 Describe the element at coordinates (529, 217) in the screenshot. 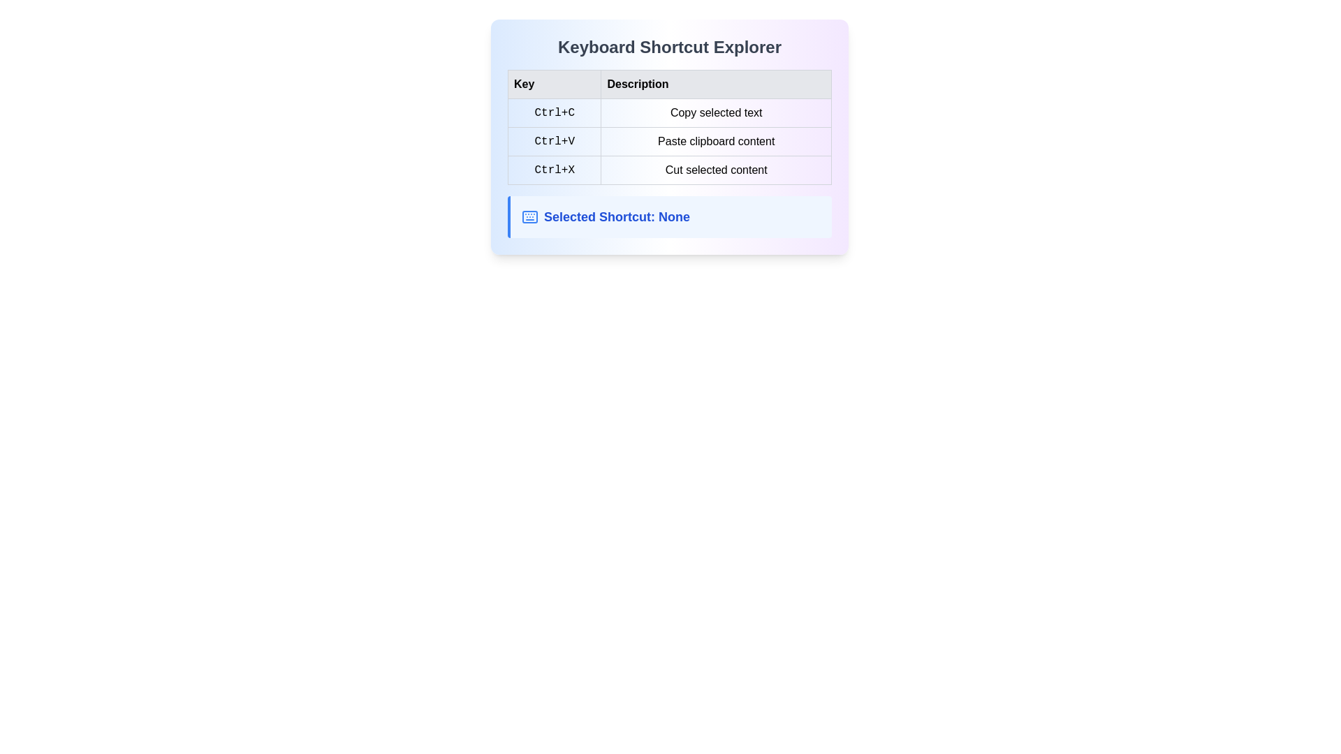

I see `the SVG rectangle component that symbolizes a keyboard, located within a blue toolbar section for keyboard shortcuts` at that location.